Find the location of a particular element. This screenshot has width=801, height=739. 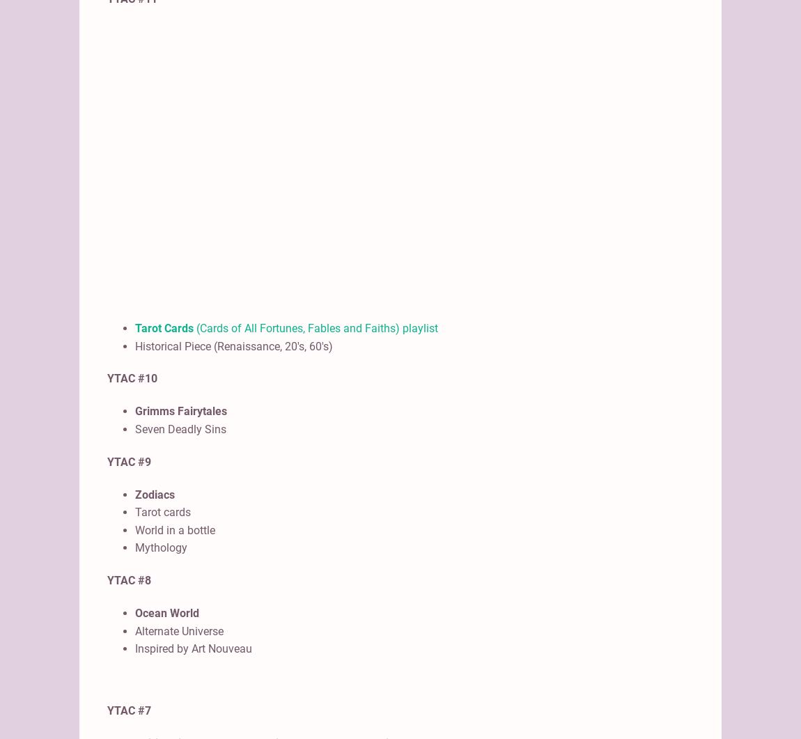

'Ocean World' is located at coordinates (166, 613).